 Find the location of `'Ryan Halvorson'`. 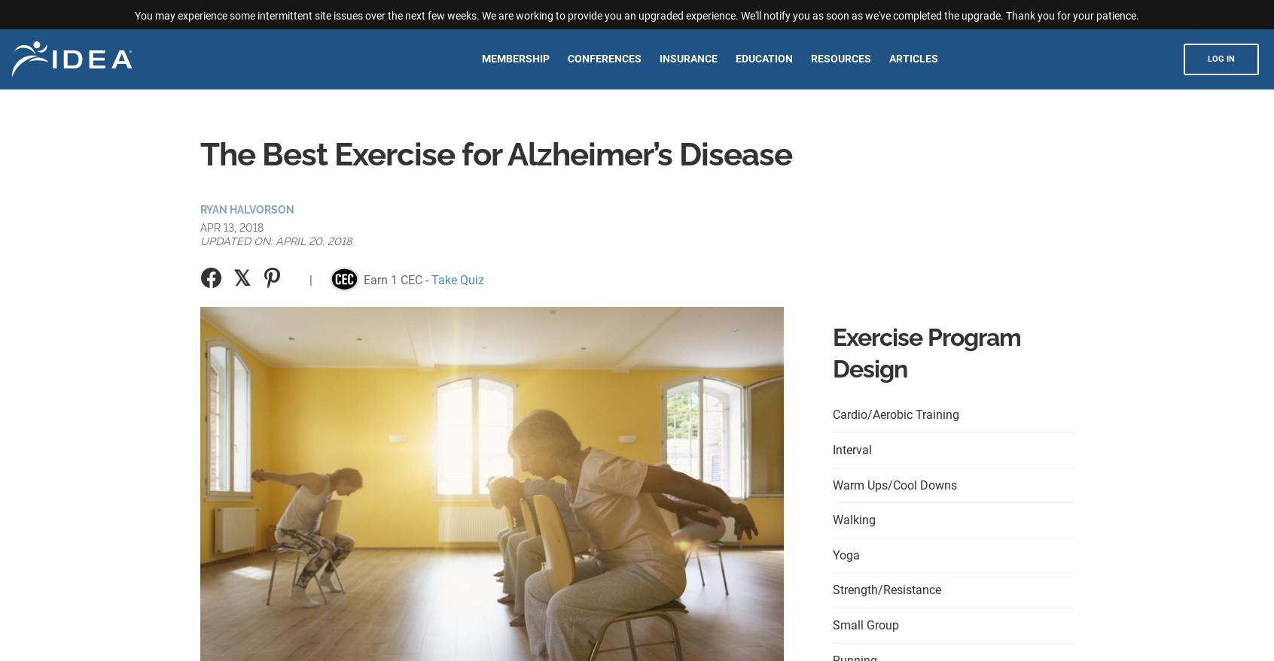

'Ryan Halvorson' is located at coordinates (200, 208).